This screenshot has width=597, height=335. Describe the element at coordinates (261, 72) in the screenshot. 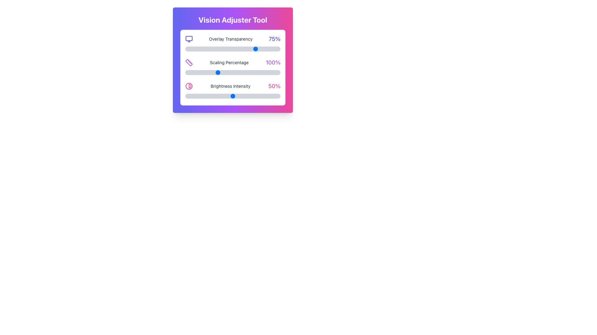

I see `the scaling percentage` at that location.